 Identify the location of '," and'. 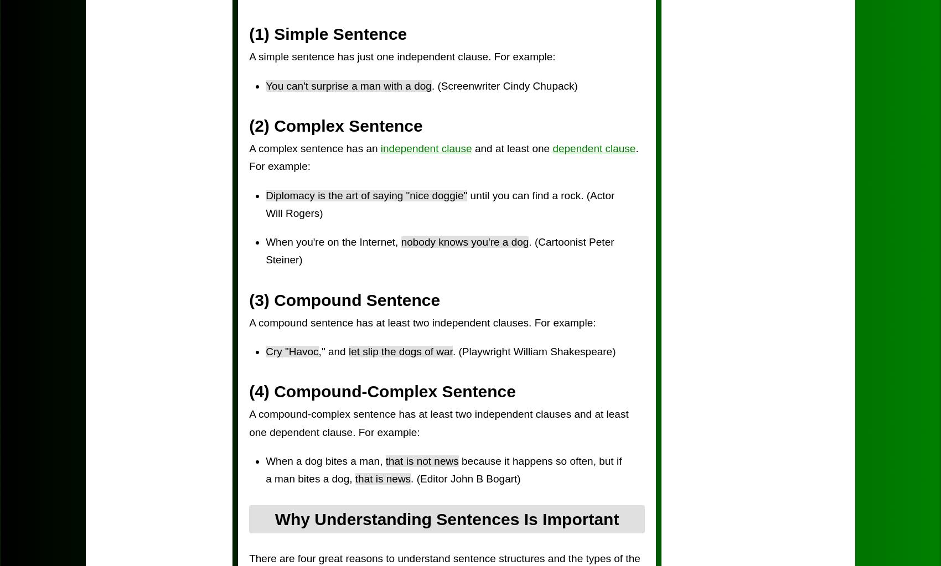
(332, 351).